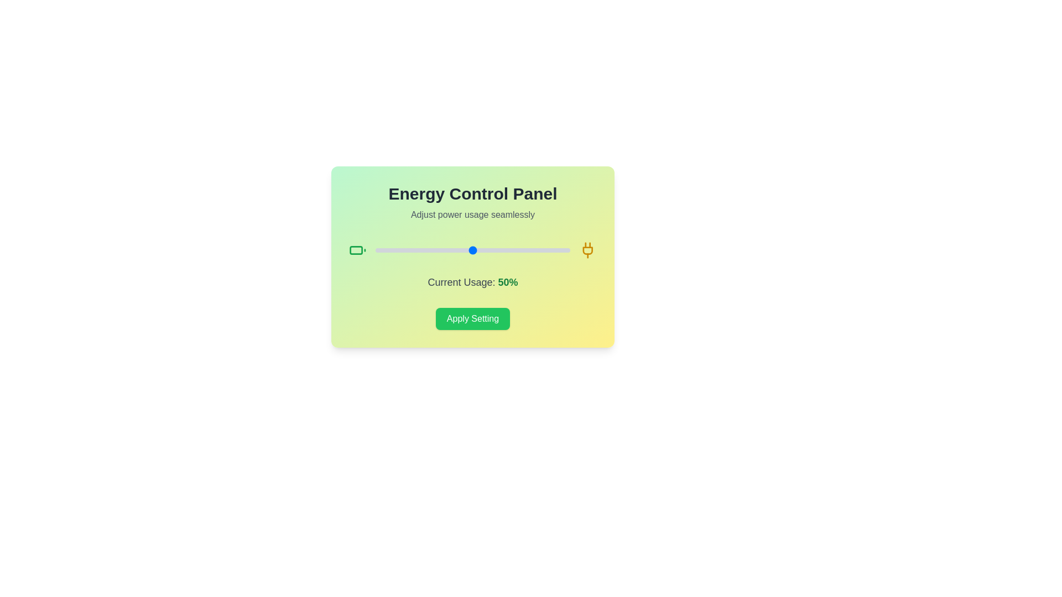 This screenshot has width=1062, height=597. Describe the element at coordinates (425, 250) in the screenshot. I see `the slider` at that location.